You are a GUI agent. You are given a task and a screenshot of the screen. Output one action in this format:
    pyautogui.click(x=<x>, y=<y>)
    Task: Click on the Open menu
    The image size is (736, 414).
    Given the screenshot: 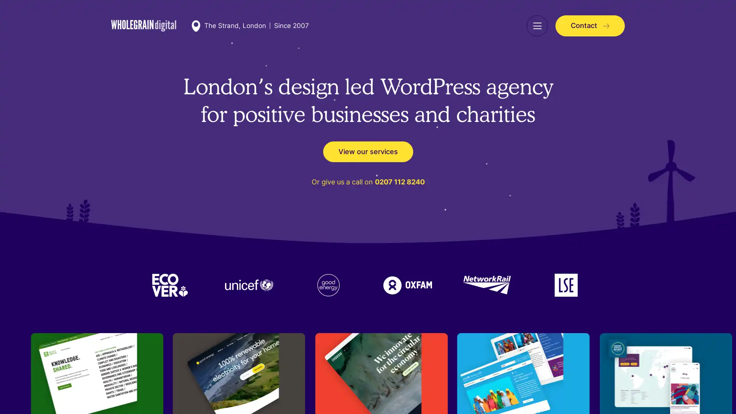 What is the action you would take?
    pyautogui.click(x=537, y=25)
    